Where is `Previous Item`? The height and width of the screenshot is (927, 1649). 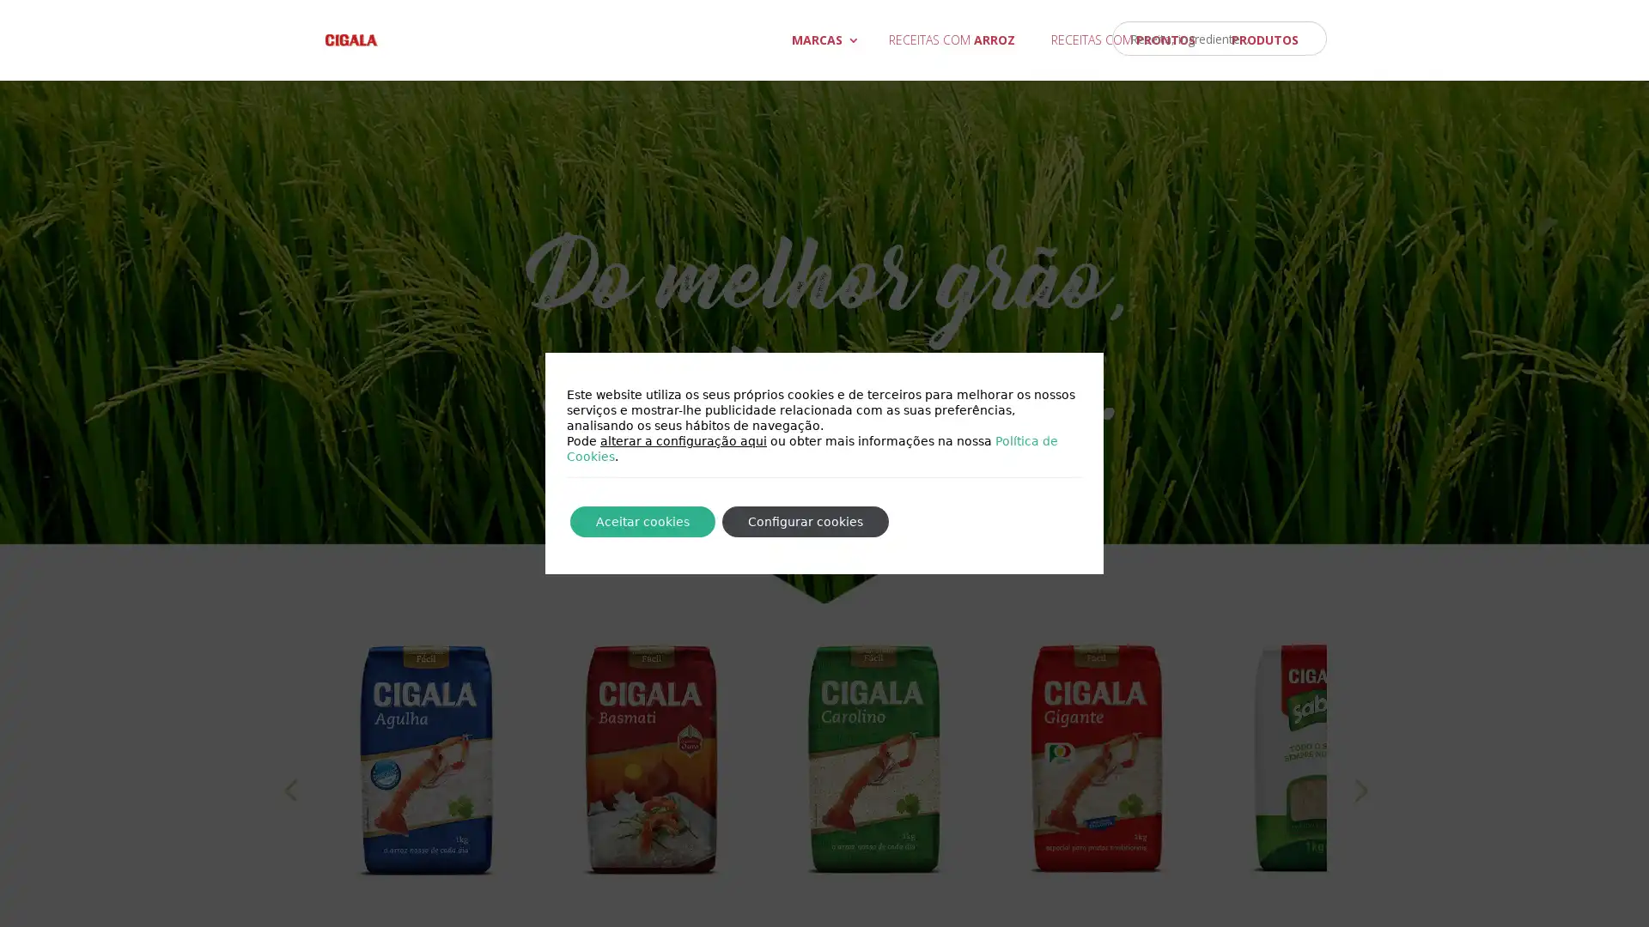 Previous Item is located at coordinates (289, 810).